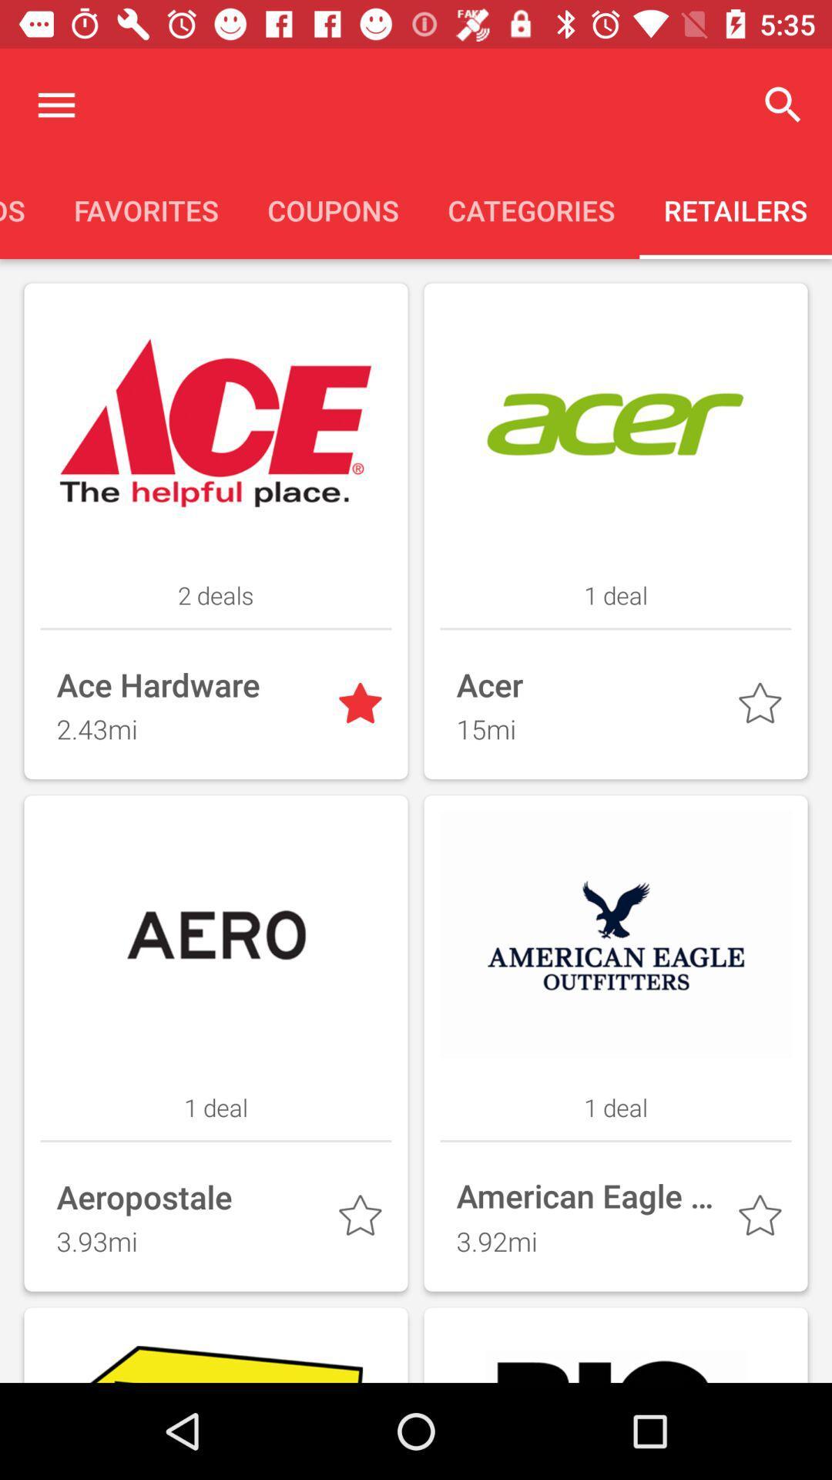  Describe the element at coordinates (763, 1218) in the screenshot. I see `company` at that location.